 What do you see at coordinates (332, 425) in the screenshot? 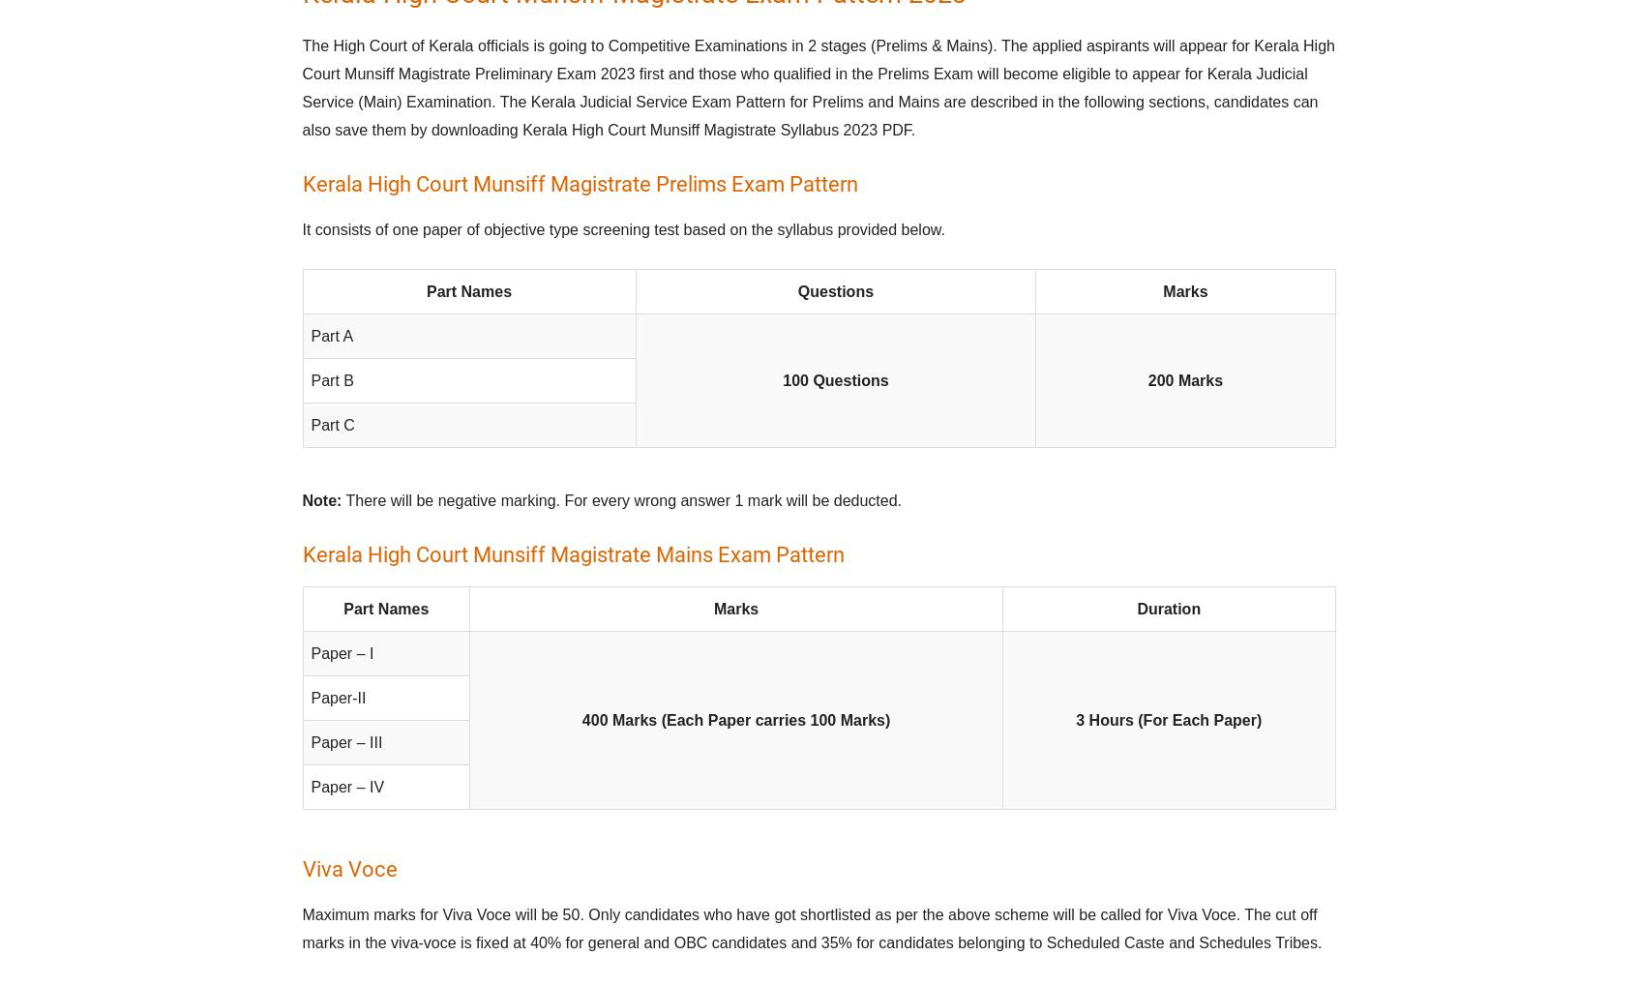
I see `'Part C'` at bounding box center [332, 425].